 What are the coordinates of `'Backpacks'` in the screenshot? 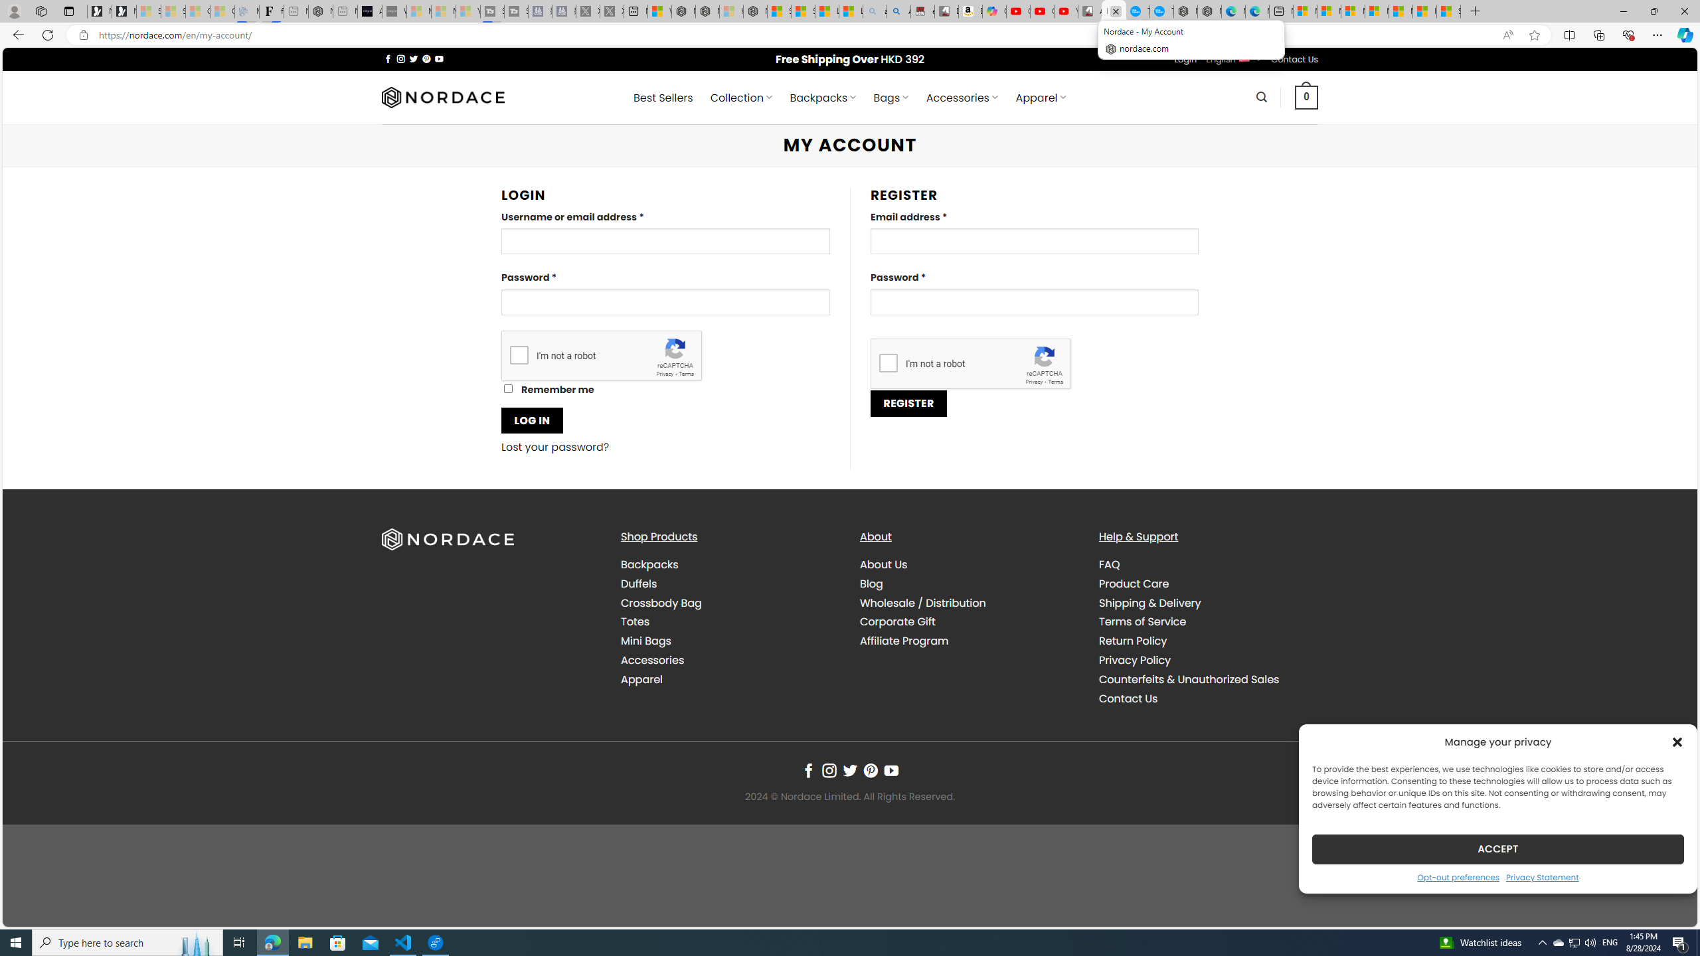 It's located at (729, 564).